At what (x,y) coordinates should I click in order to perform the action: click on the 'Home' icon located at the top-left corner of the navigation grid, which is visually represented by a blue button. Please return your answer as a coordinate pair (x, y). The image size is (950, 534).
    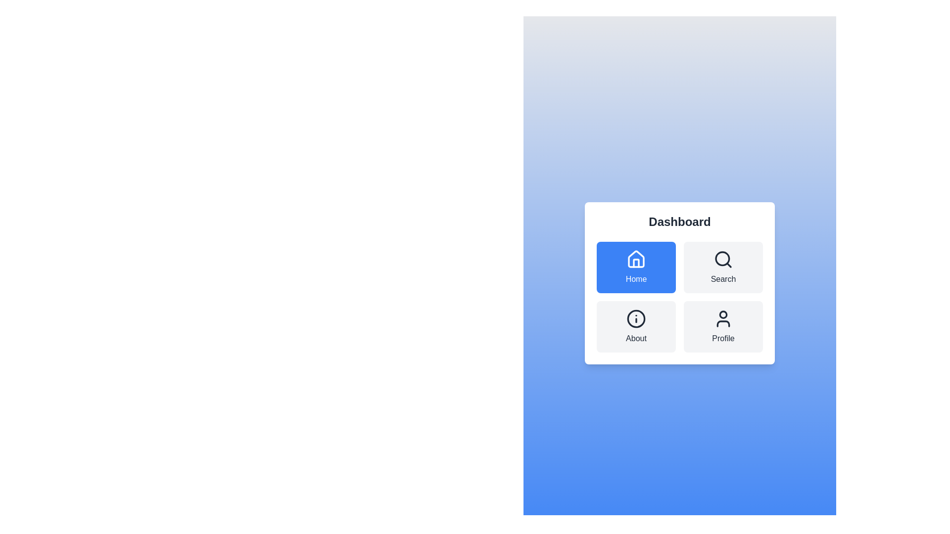
    Looking at the image, I should click on (636, 259).